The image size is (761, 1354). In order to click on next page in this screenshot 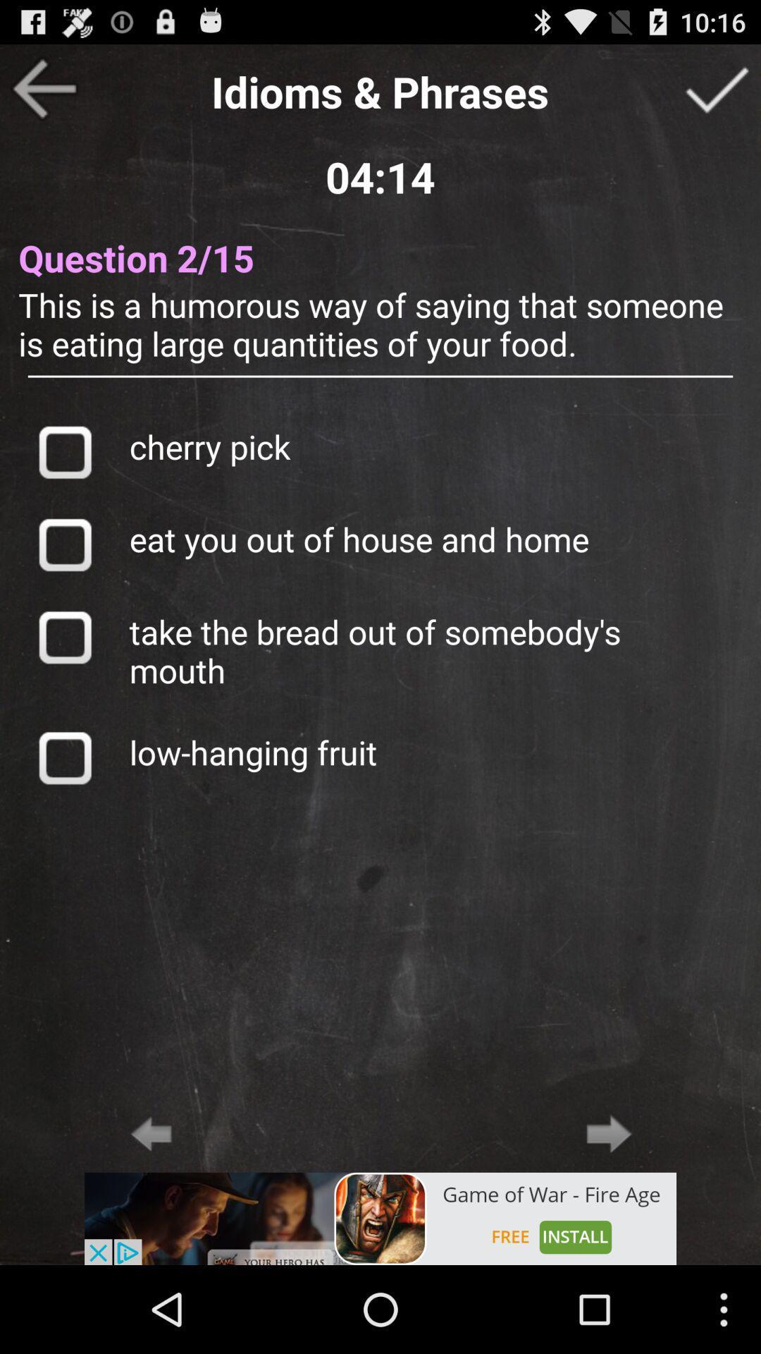, I will do `click(609, 1133)`.